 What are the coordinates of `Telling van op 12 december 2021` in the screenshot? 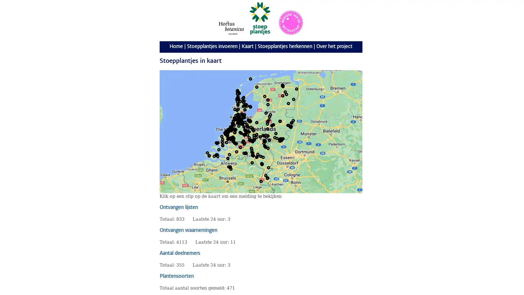 It's located at (245, 104).